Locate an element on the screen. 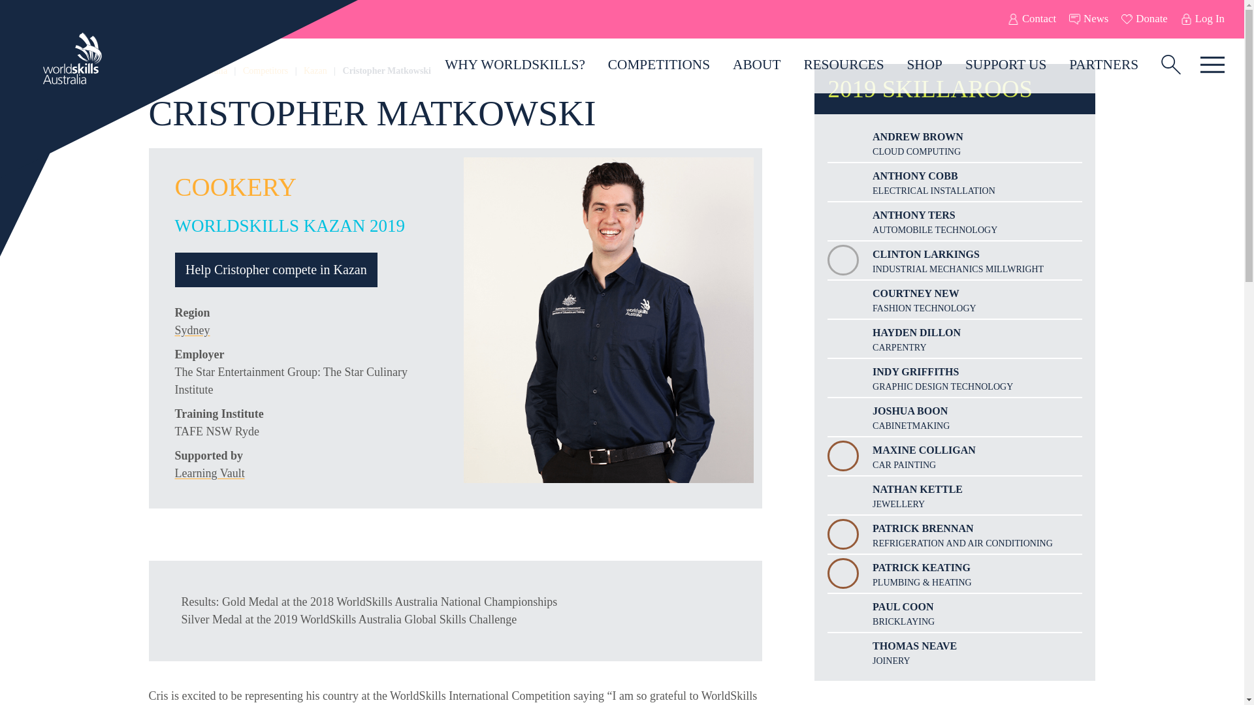  'PATRICK KEATING is located at coordinates (955, 573).